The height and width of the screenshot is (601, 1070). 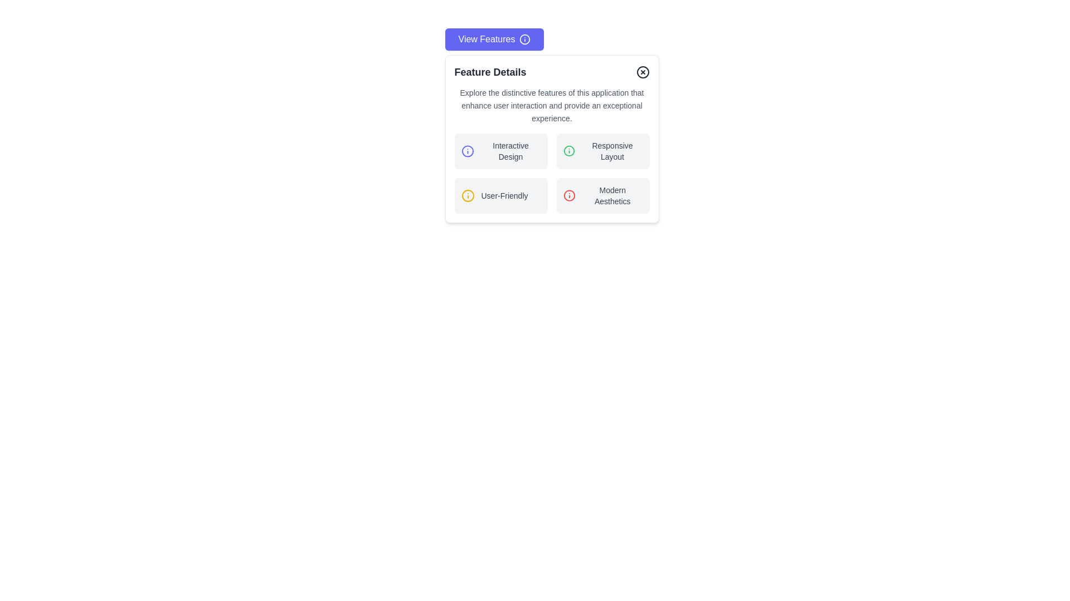 I want to click on the first icon in the list item labeled 'Responsive Layout', which serves as an indicator or marker for visual context, so click(x=569, y=151).